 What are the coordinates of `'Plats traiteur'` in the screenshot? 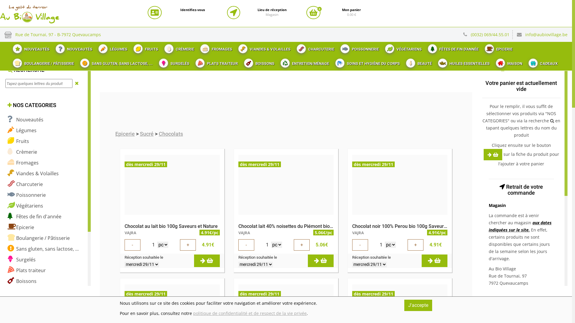 It's located at (26, 270).